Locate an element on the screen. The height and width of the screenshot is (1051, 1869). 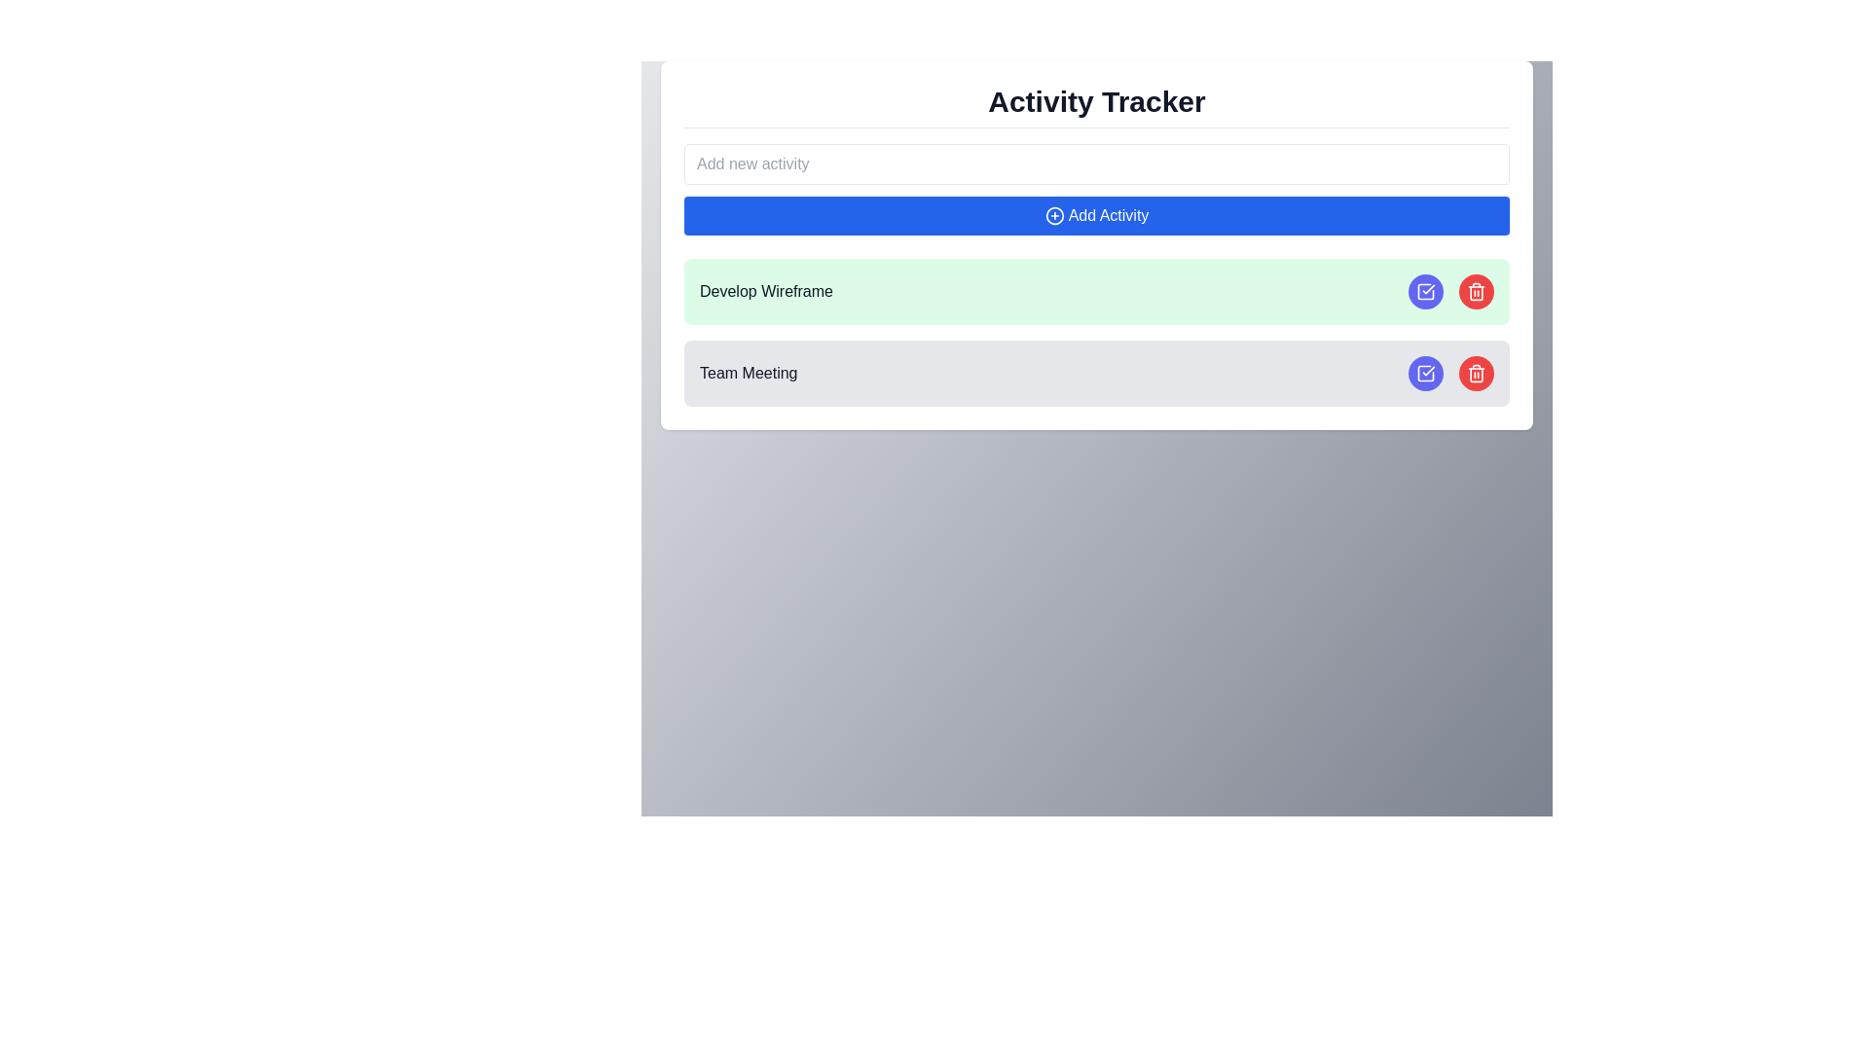
the confirmation button for the 'Team Meeting' entry is located at coordinates (1425, 374).